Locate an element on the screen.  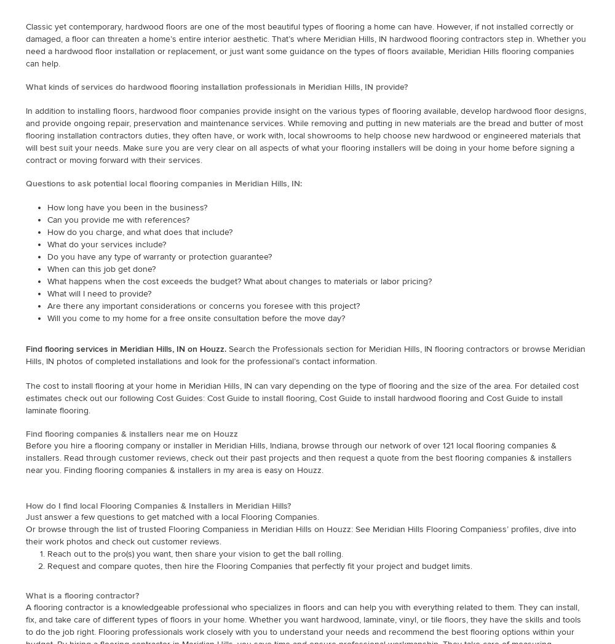
'What will I need to provide?' is located at coordinates (99, 292).